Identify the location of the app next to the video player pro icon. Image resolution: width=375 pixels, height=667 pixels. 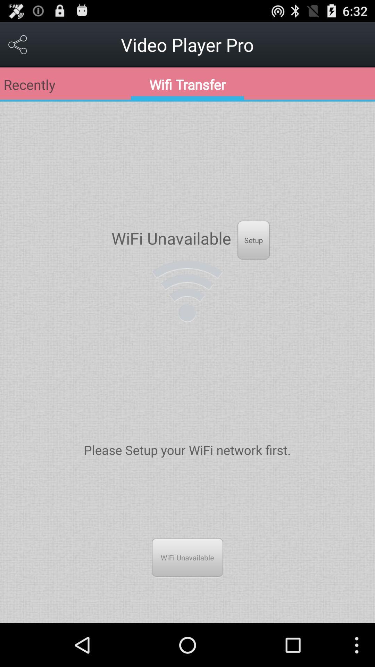
(18, 44).